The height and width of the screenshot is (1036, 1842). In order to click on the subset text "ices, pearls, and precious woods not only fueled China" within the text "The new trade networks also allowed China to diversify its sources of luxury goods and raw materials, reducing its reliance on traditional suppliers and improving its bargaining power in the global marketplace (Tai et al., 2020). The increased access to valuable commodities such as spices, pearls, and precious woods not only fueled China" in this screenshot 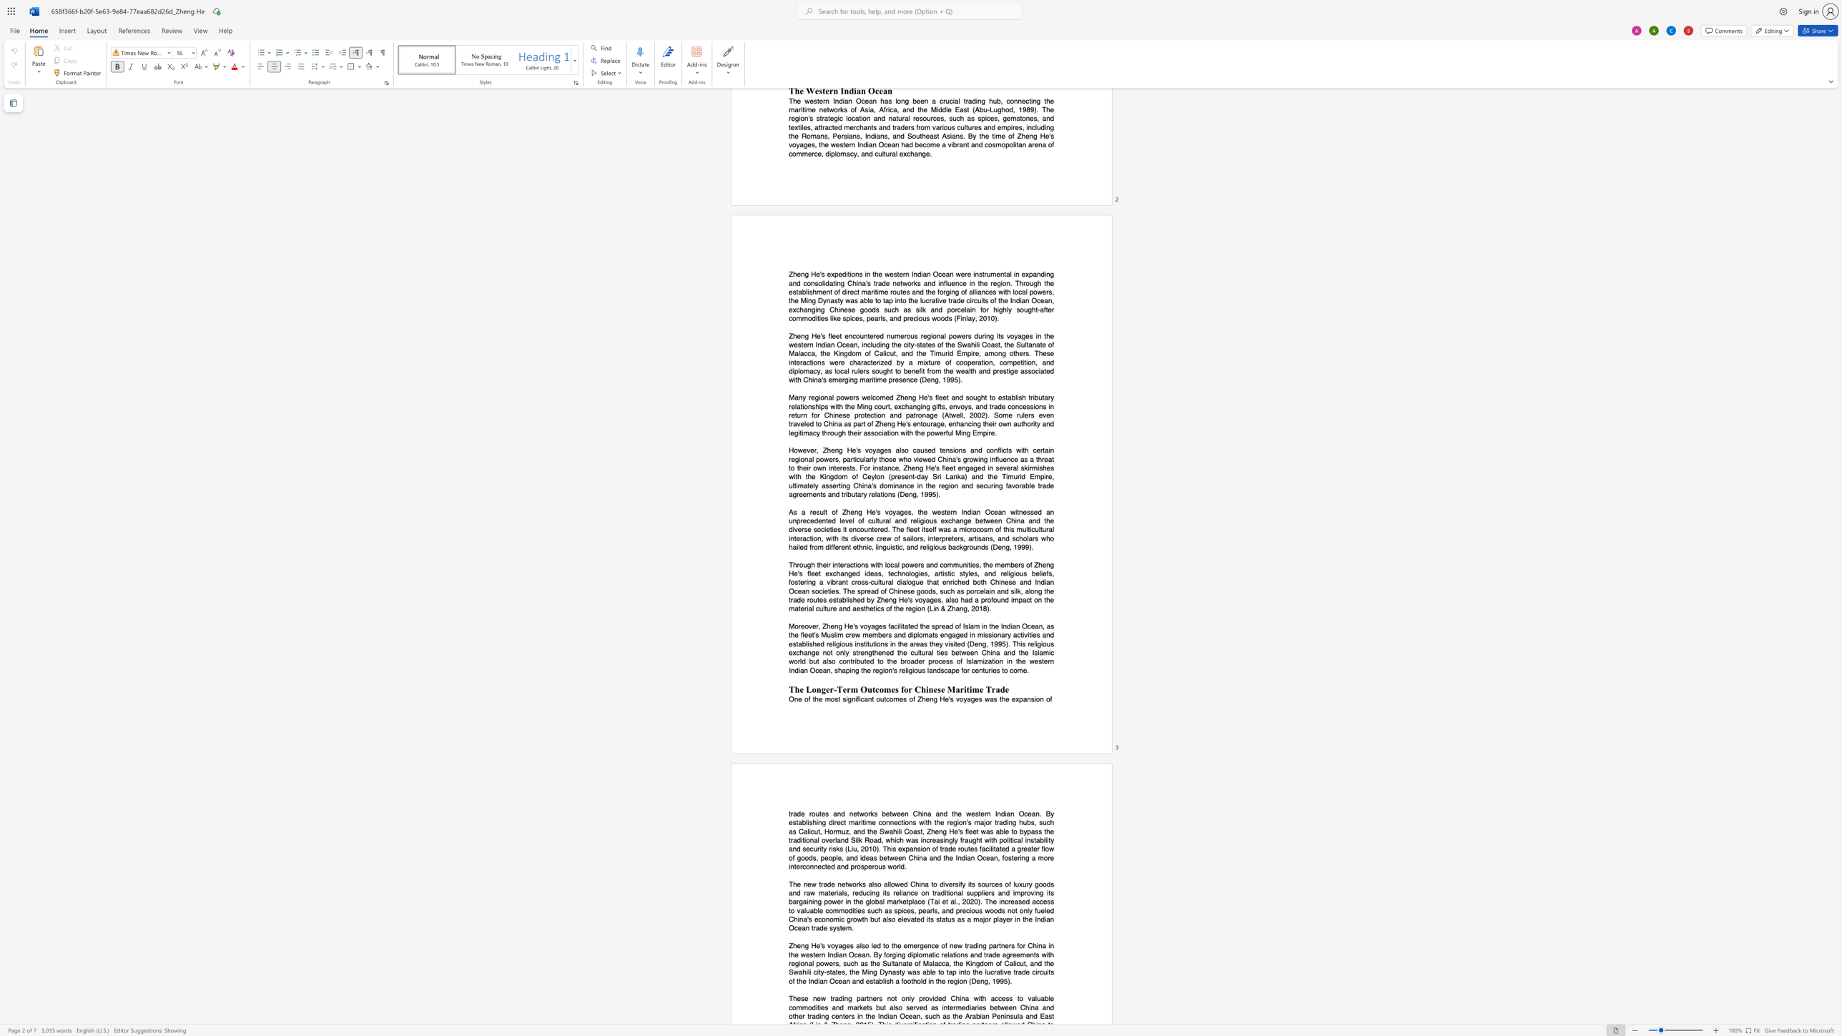, I will do `click(901, 909)`.